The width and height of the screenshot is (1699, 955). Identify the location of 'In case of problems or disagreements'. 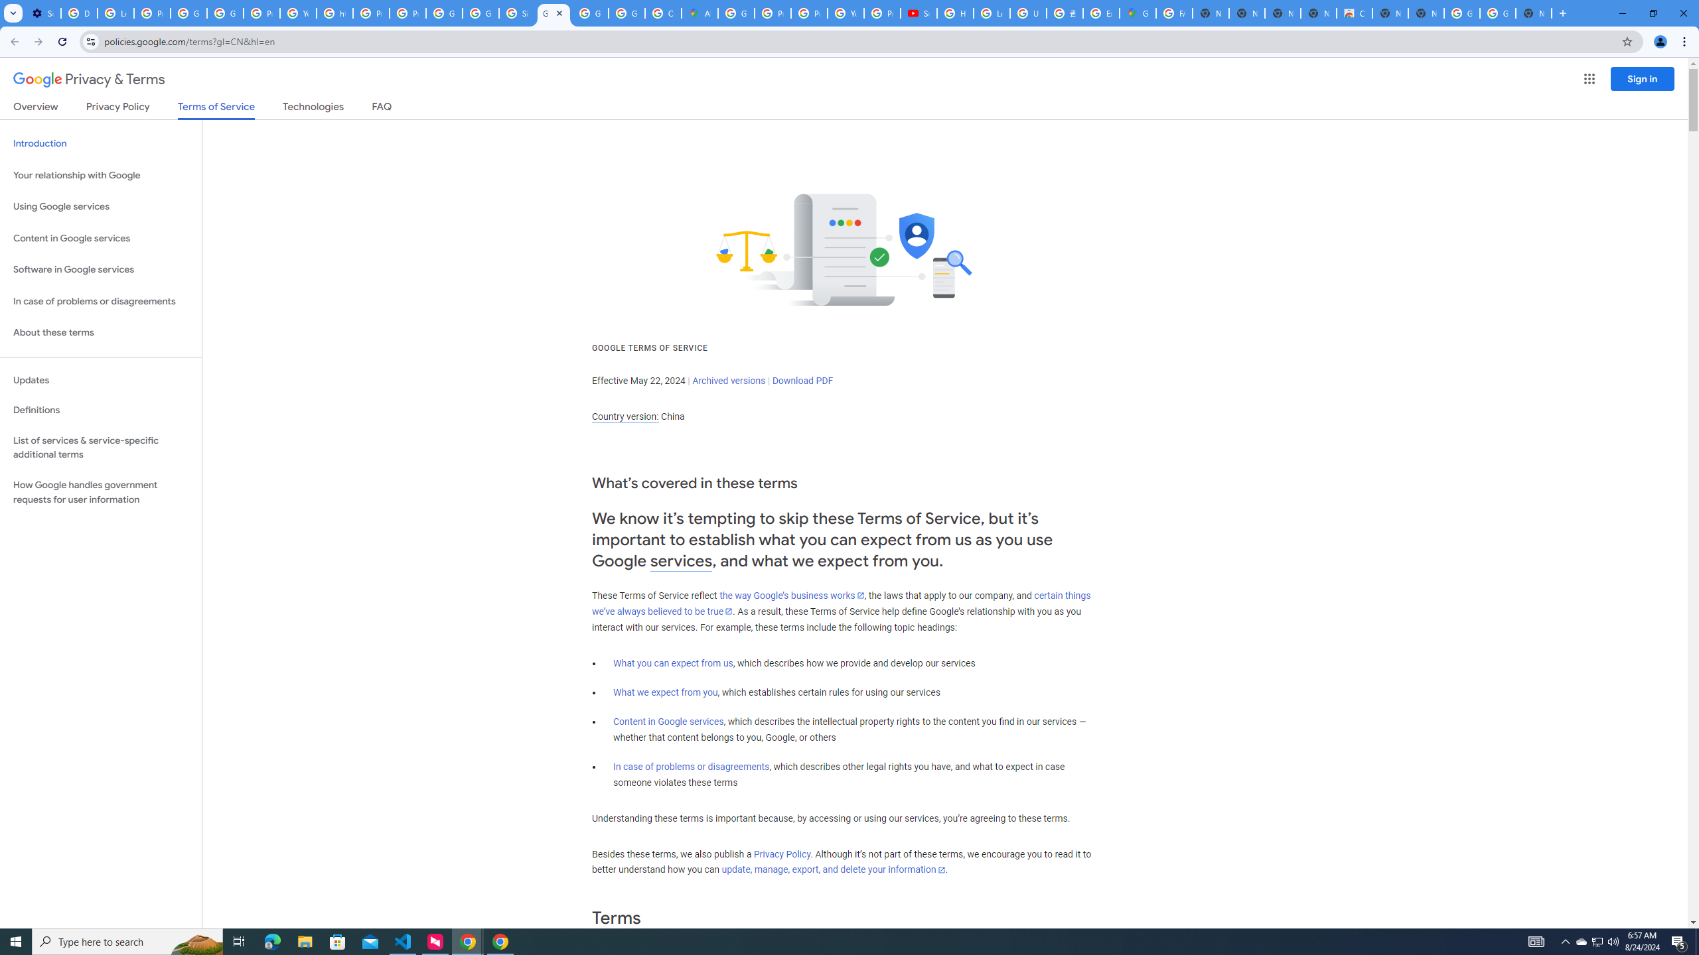
(690, 767).